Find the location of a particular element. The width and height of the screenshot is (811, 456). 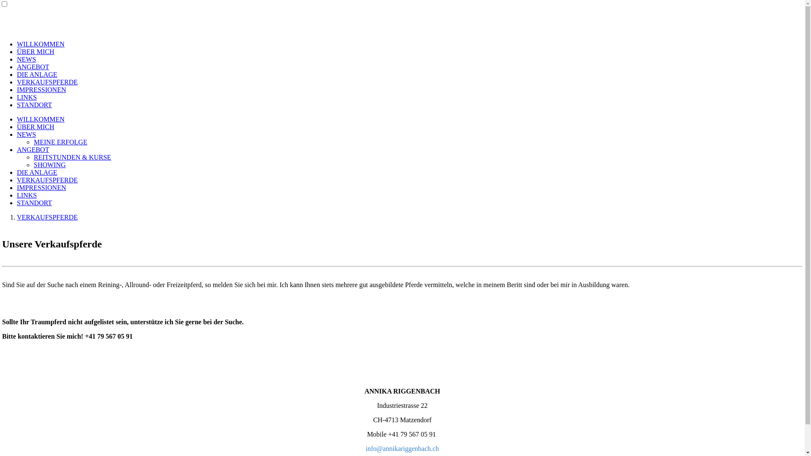

'VERKAUFSPFERDE' is located at coordinates (46, 179).